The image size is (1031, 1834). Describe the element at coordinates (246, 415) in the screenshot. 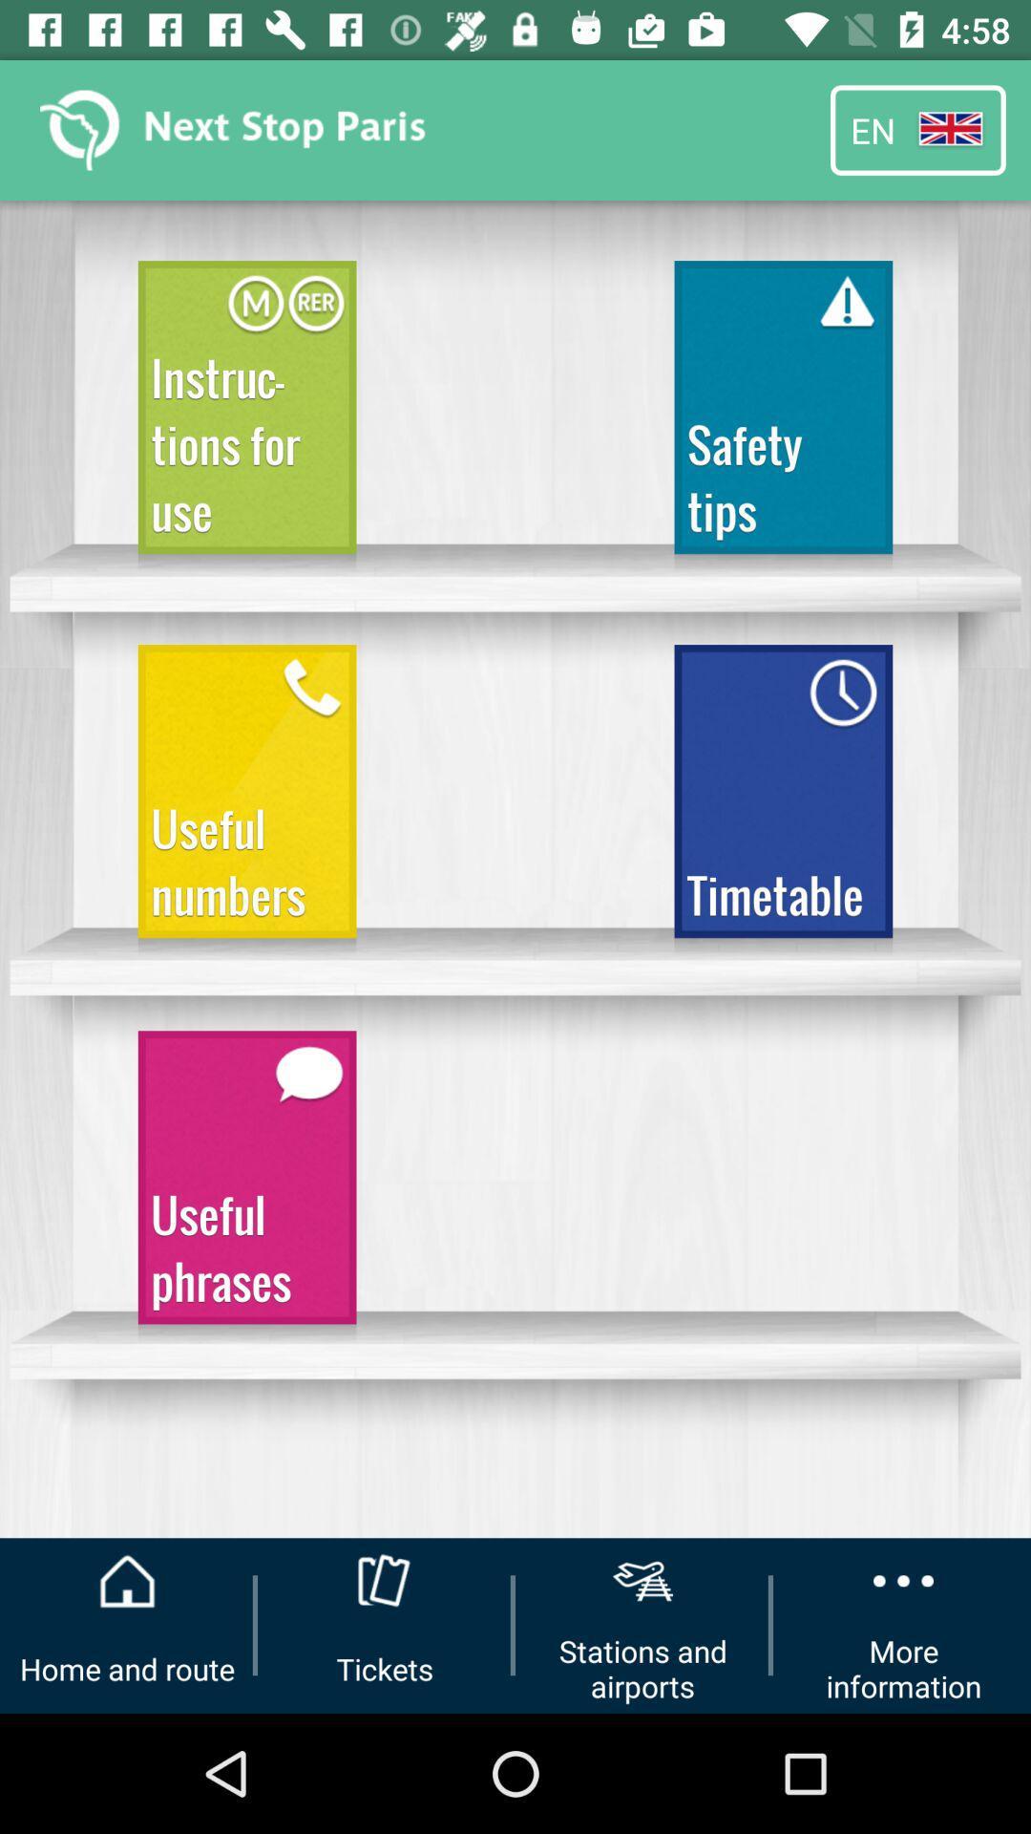

I see `the icon above the useful numbers icon` at that location.